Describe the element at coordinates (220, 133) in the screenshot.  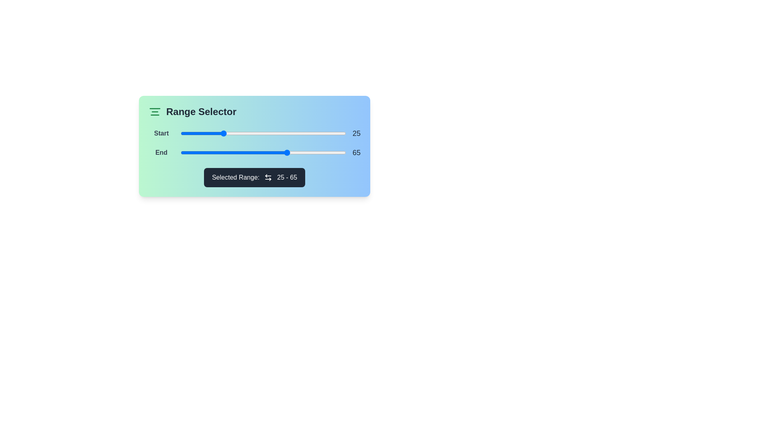
I see `the slider to set the range value to 24` at that location.